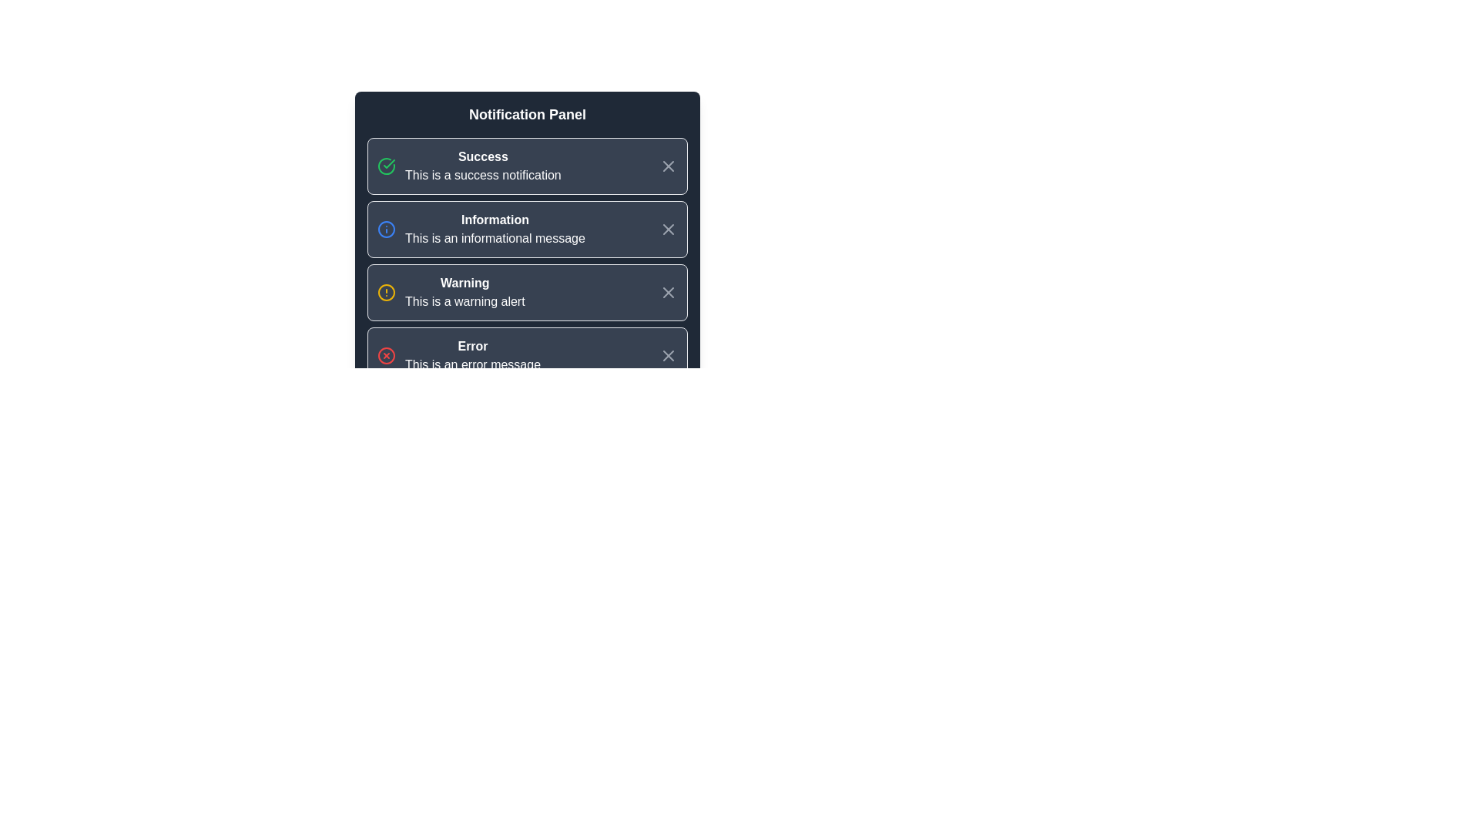 Image resolution: width=1479 pixels, height=832 pixels. Describe the element at coordinates (669, 356) in the screenshot. I see `the close button, which resembles a close symbol with two diagonal lines, located at the far right end of the notification panel displaying the 'Error' message` at that location.